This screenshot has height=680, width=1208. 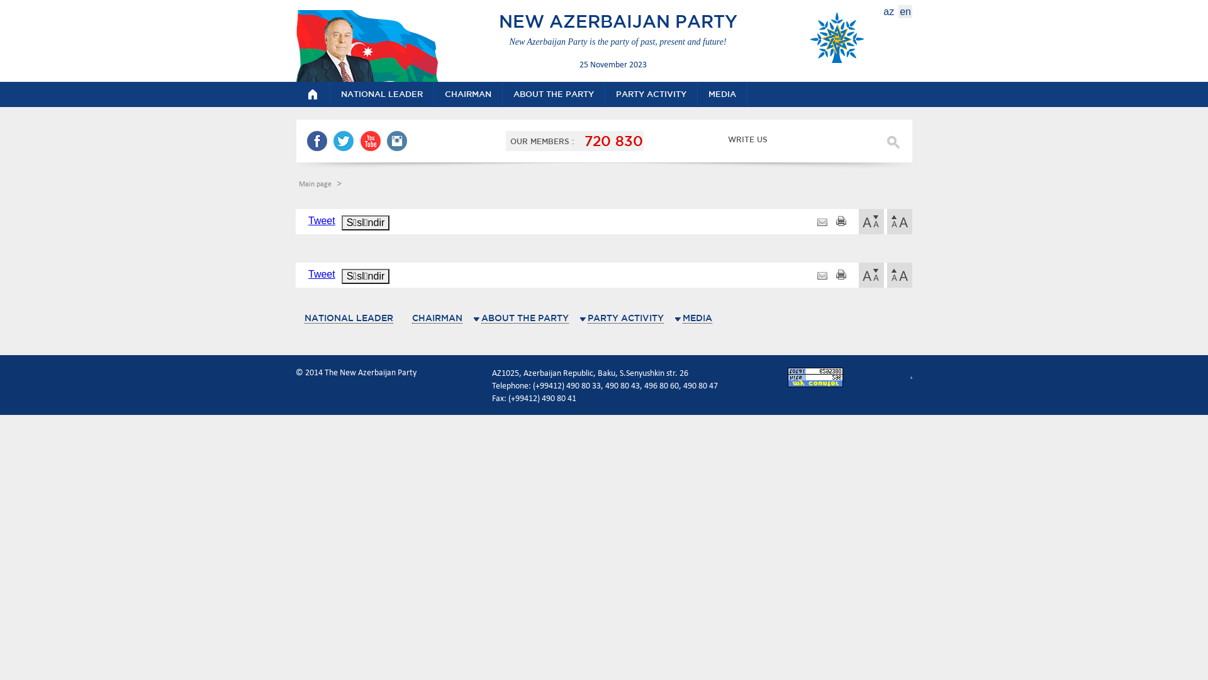 What do you see at coordinates (911, 375) in the screenshot?
I see `'.'` at bounding box center [911, 375].